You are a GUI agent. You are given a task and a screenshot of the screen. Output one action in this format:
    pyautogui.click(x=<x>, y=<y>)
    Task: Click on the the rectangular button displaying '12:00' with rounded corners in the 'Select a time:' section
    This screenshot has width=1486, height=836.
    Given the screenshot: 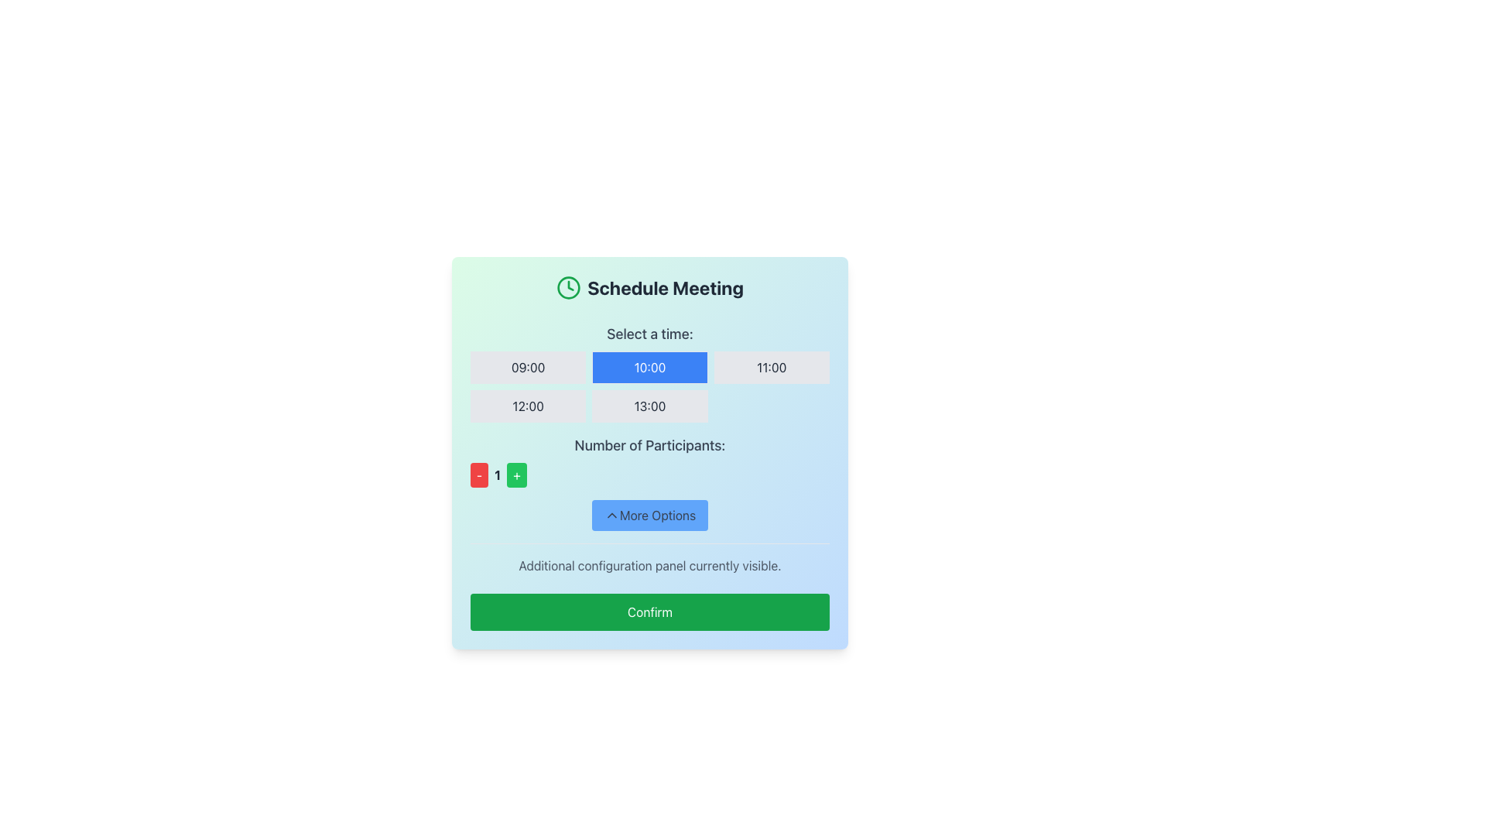 What is the action you would take?
    pyautogui.click(x=528, y=405)
    